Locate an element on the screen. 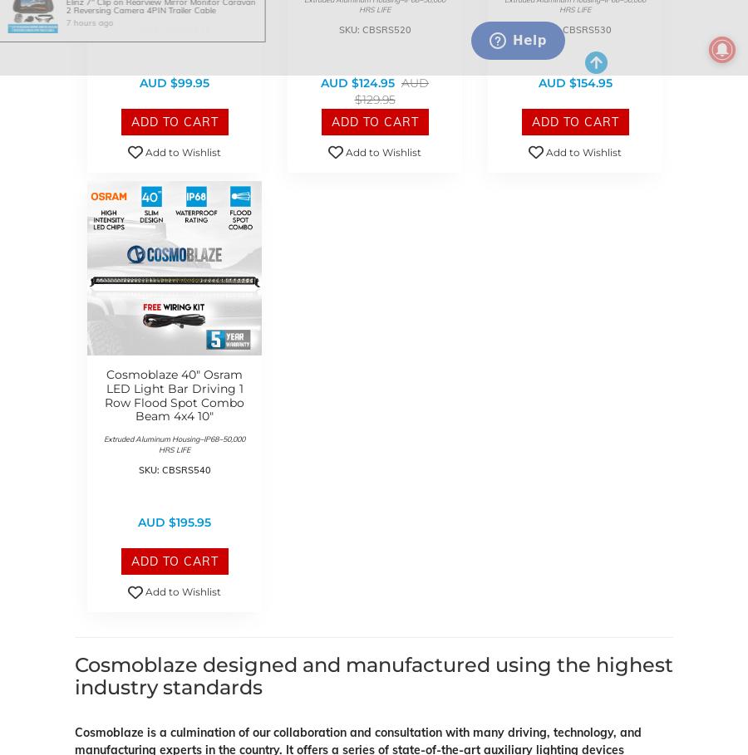 The width and height of the screenshot is (748, 755). 'AUD $154.95' is located at coordinates (573, 81).